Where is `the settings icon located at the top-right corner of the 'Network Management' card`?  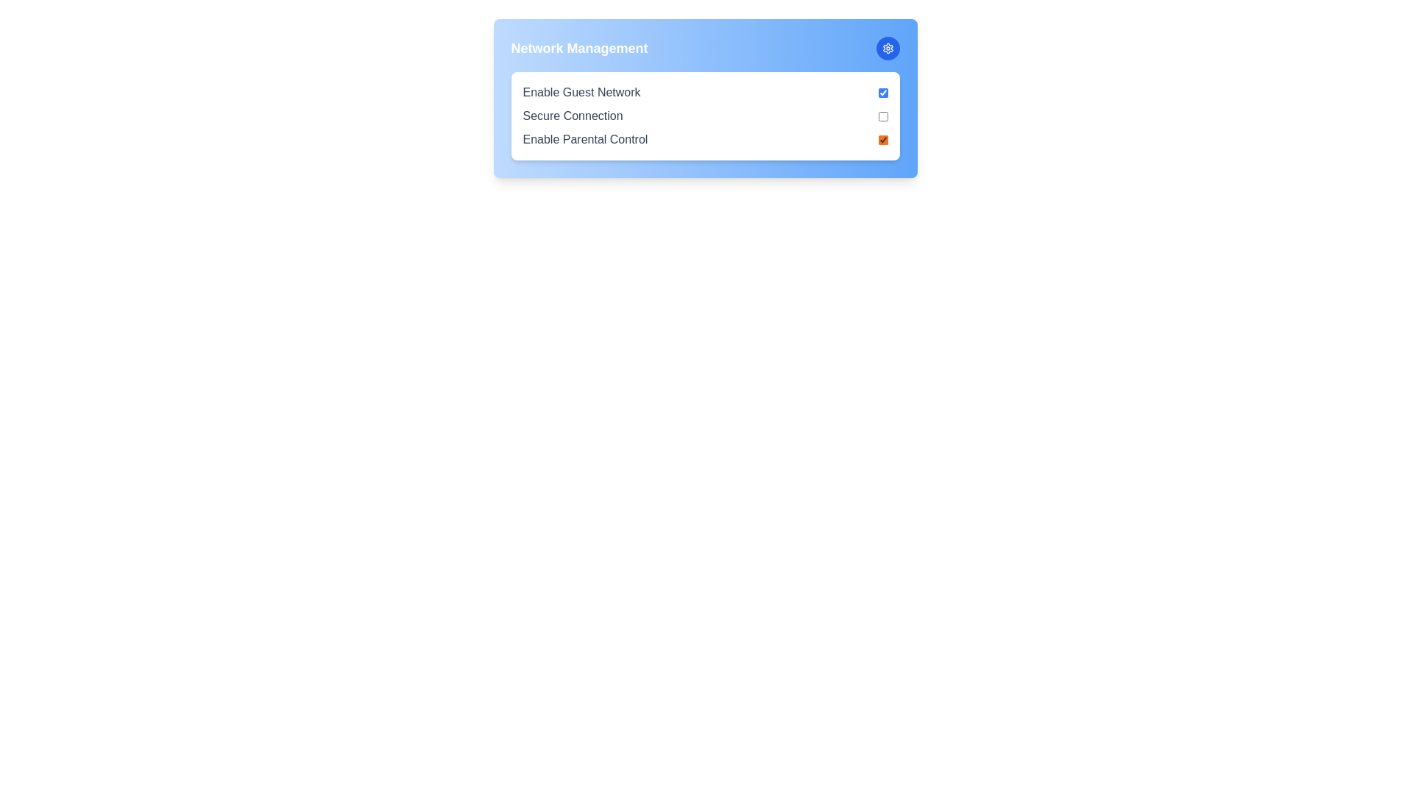 the settings icon located at the top-right corner of the 'Network Management' card is located at coordinates (887, 47).